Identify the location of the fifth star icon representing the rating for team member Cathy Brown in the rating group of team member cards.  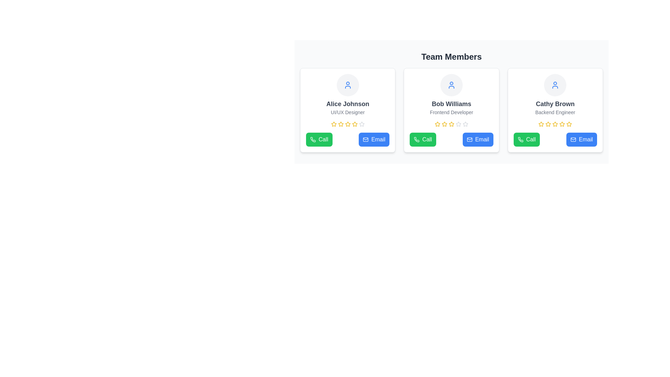
(569, 124).